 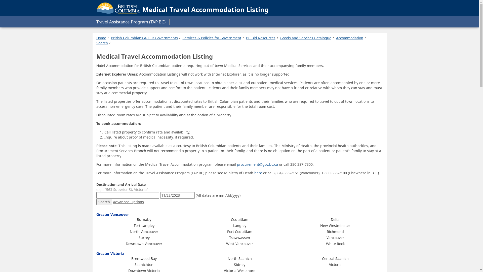 I want to click on 'Travel Assistance Program (TAP BC)', so click(x=133, y=22).